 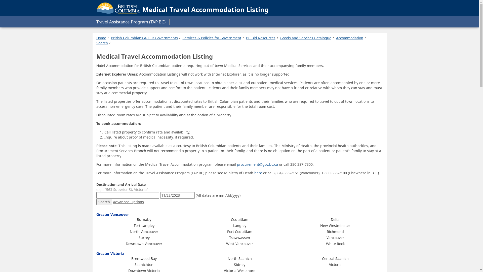 I want to click on 'Travel Assistance Program (TAP BC)', so click(x=133, y=22).